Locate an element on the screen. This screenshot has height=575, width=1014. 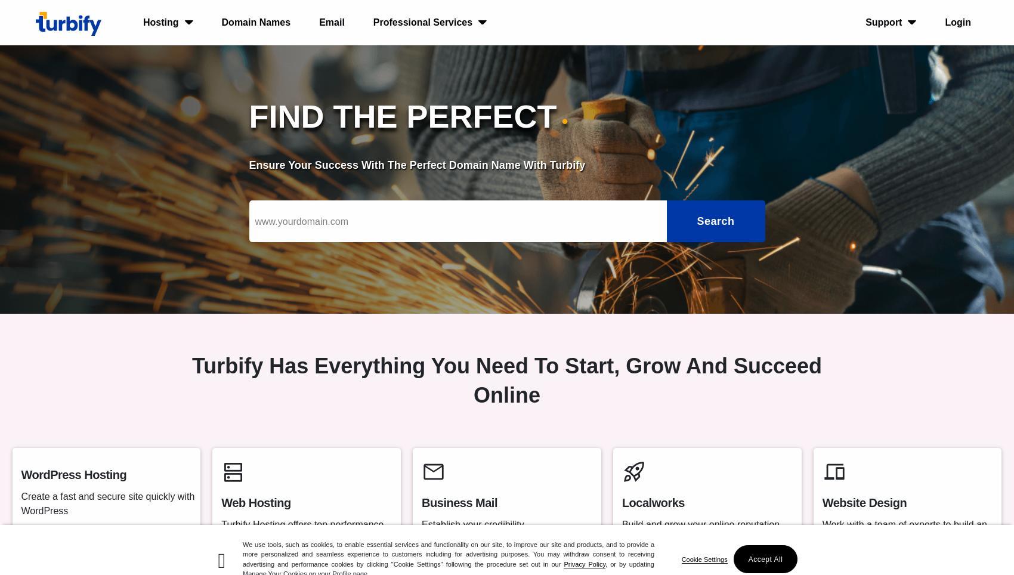
'mail' is located at coordinates (433, 471).